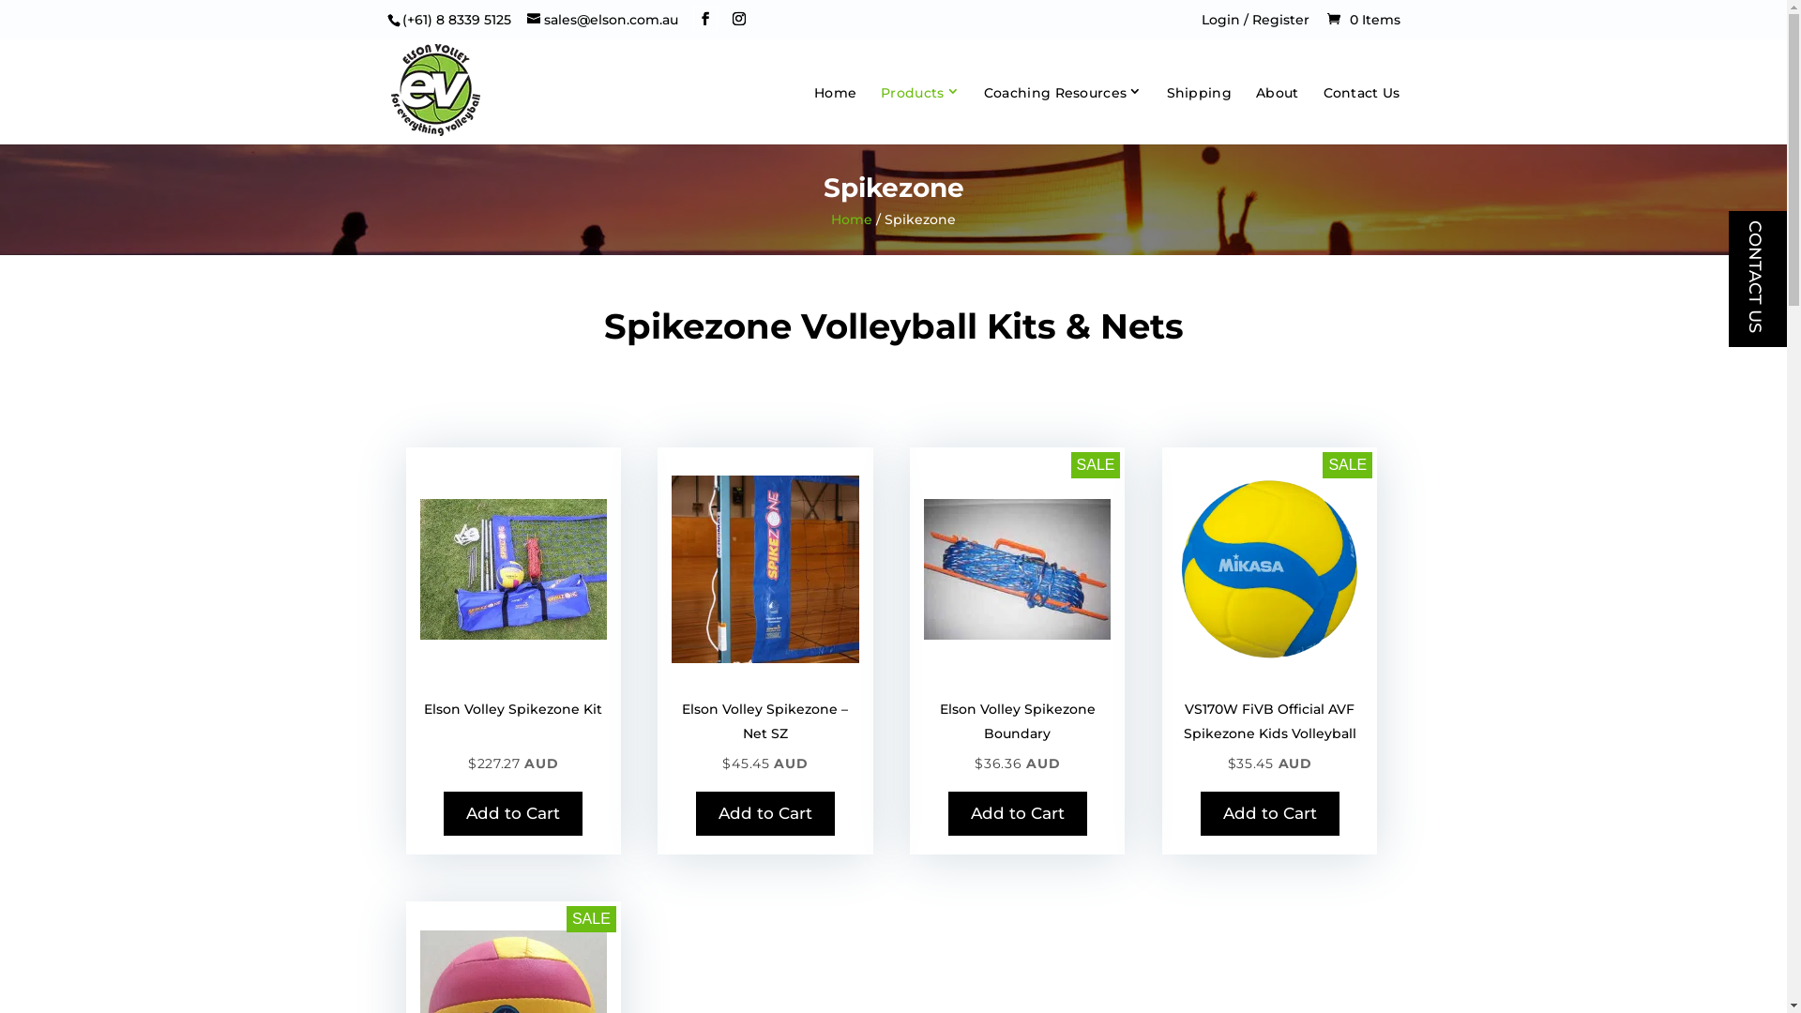 The width and height of the screenshot is (1801, 1013). I want to click on 'Spikezone', so click(671, 567).